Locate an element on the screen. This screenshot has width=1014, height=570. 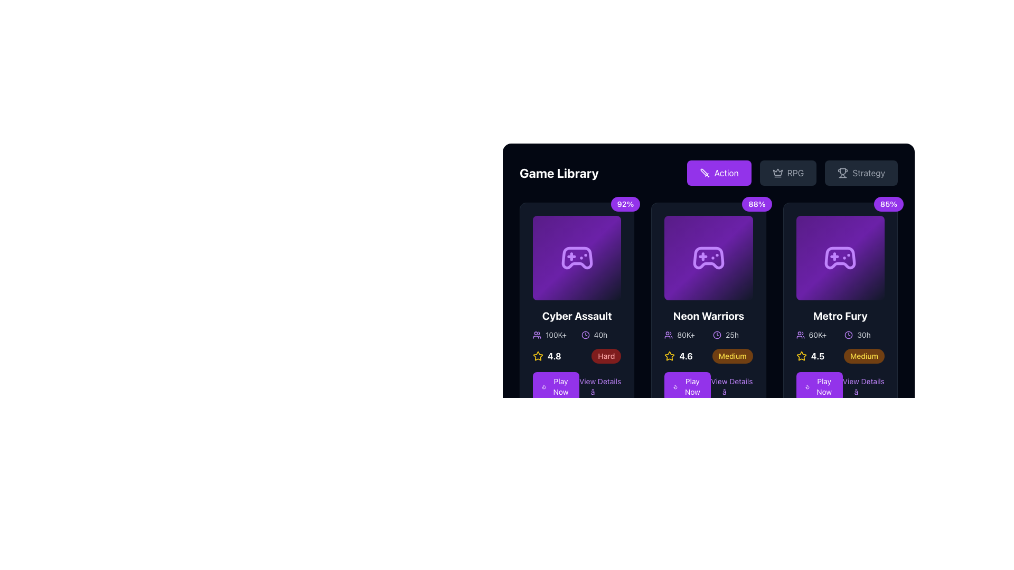
the Rating display element located within the third card labeled 'Metro Fury', positioned below the game title and user count, and left of the 'Medium' difficulty label is located at coordinates (810, 356).